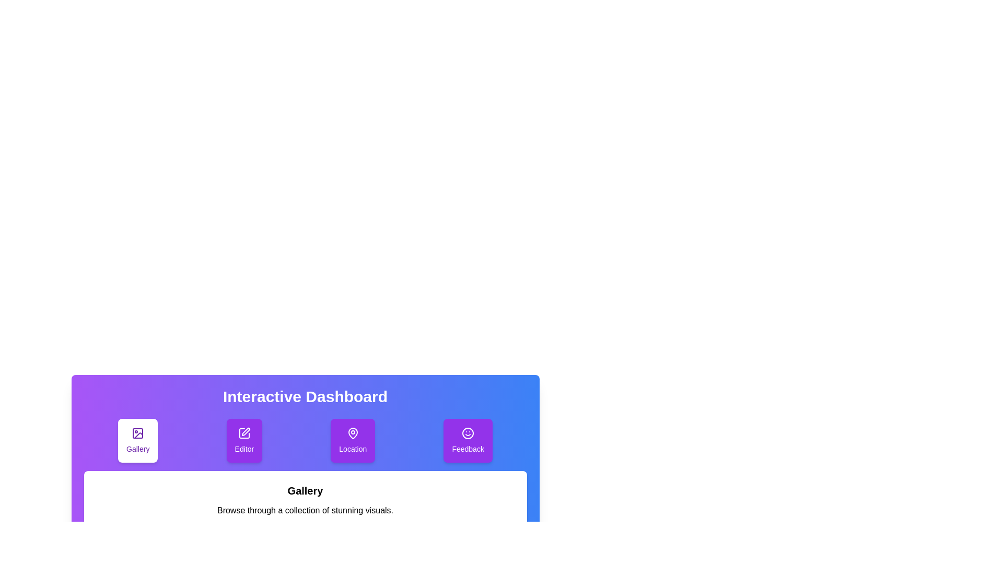  What do you see at coordinates (468, 441) in the screenshot?
I see `the tab labeled Feedback by clicking on its button` at bounding box center [468, 441].